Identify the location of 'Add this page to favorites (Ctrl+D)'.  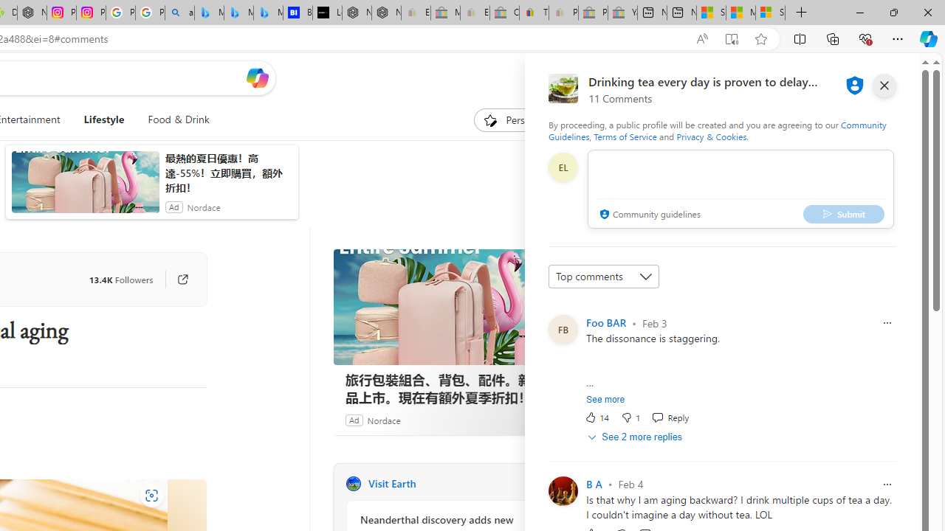
(761, 38).